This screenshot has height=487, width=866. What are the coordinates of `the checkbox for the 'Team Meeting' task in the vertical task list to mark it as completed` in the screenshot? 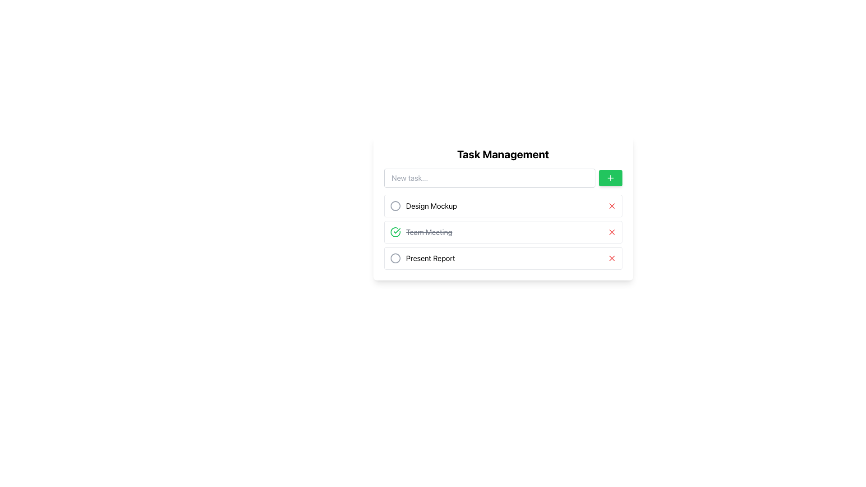 It's located at (502, 232).